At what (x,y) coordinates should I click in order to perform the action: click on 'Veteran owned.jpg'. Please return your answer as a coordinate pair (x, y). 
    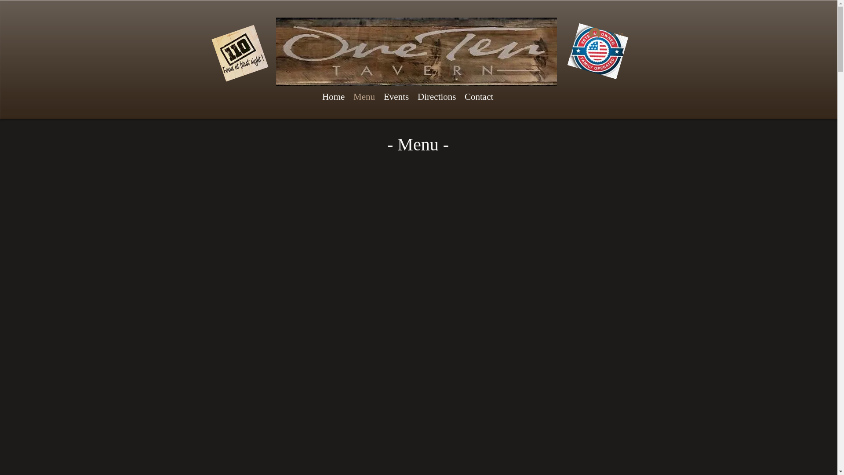
    Looking at the image, I should click on (593, 45).